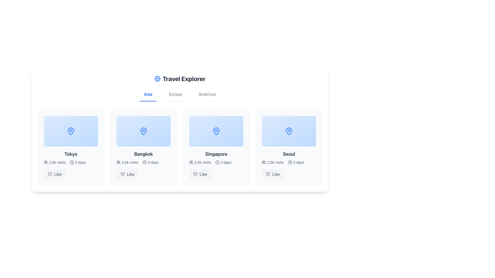 This screenshot has height=278, width=495. What do you see at coordinates (150, 162) in the screenshot?
I see `the text element that indicates the duration or time frame associated with the 'Bangkok' location, which is located at the bottom-right corner of the 'Bangkok' card in the 'Asia' section of the 'Travel Explorer' interface` at bounding box center [150, 162].